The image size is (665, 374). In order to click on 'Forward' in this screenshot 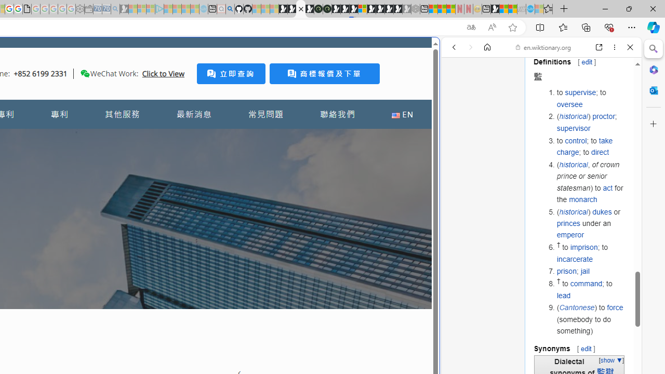, I will do `click(470, 47)`.